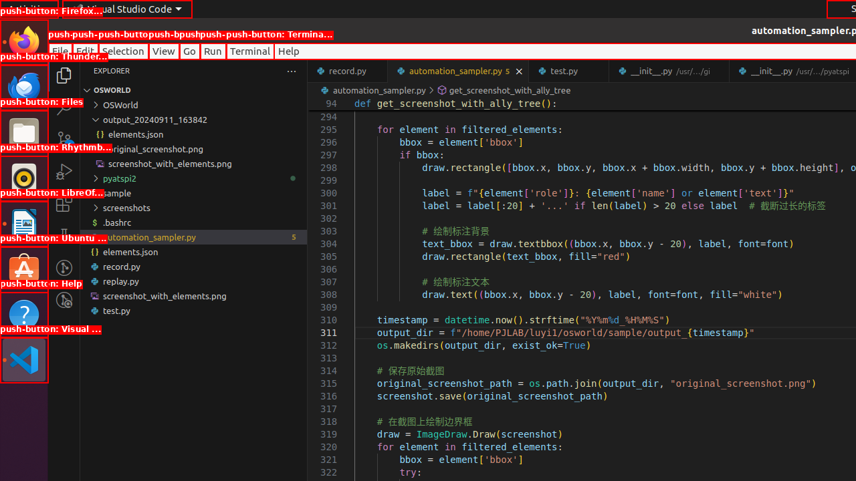 The height and width of the screenshot is (481, 856). What do you see at coordinates (23, 41) in the screenshot?
I see `'Firefox Web Browser'` at bounding box center [23, 41].